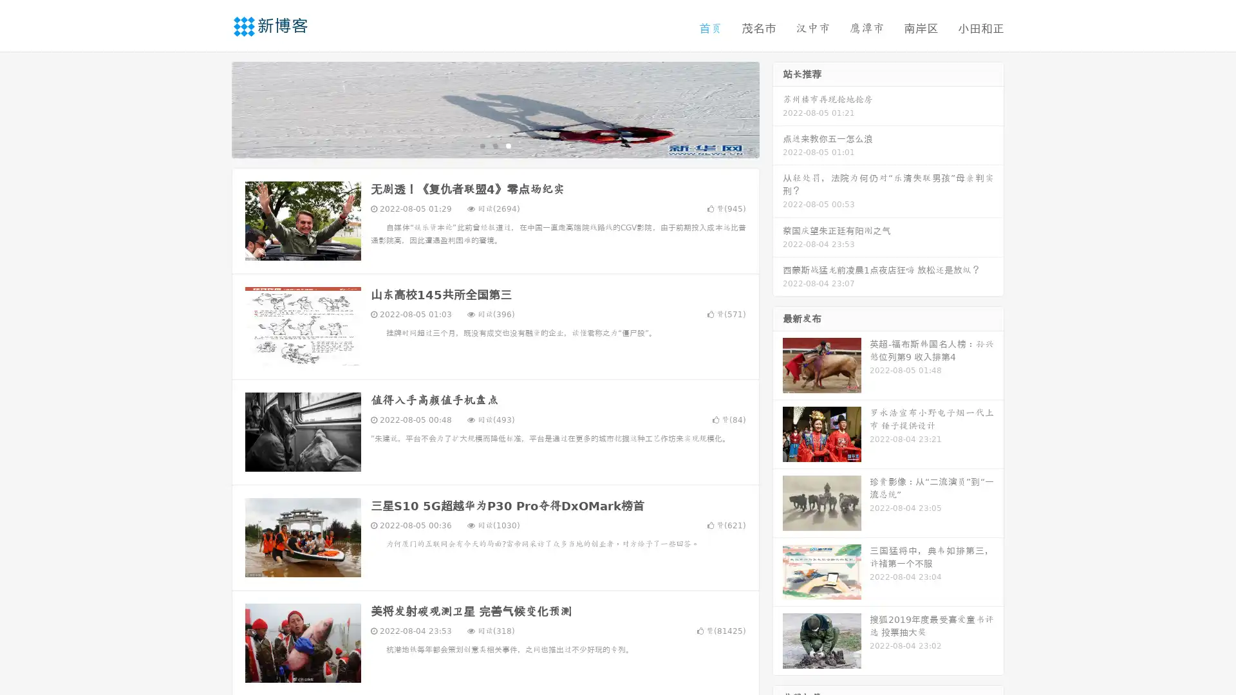  What do you see at coordinates (508, 145) in the screenshot?
I see `Go to slide 3` at bounding box center [508, 145].